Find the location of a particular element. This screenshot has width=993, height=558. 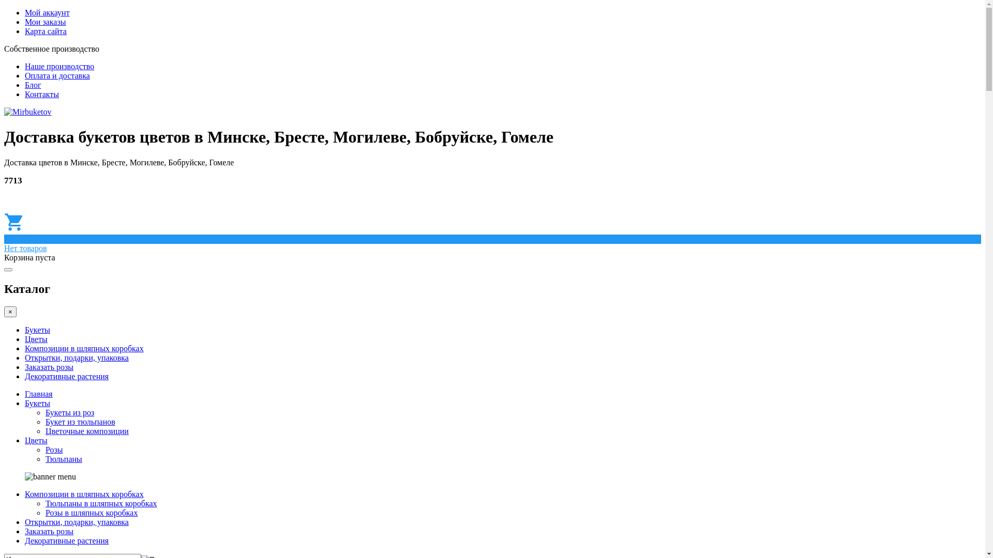

'Mirbuketov' is located at coordinates (27, 112).